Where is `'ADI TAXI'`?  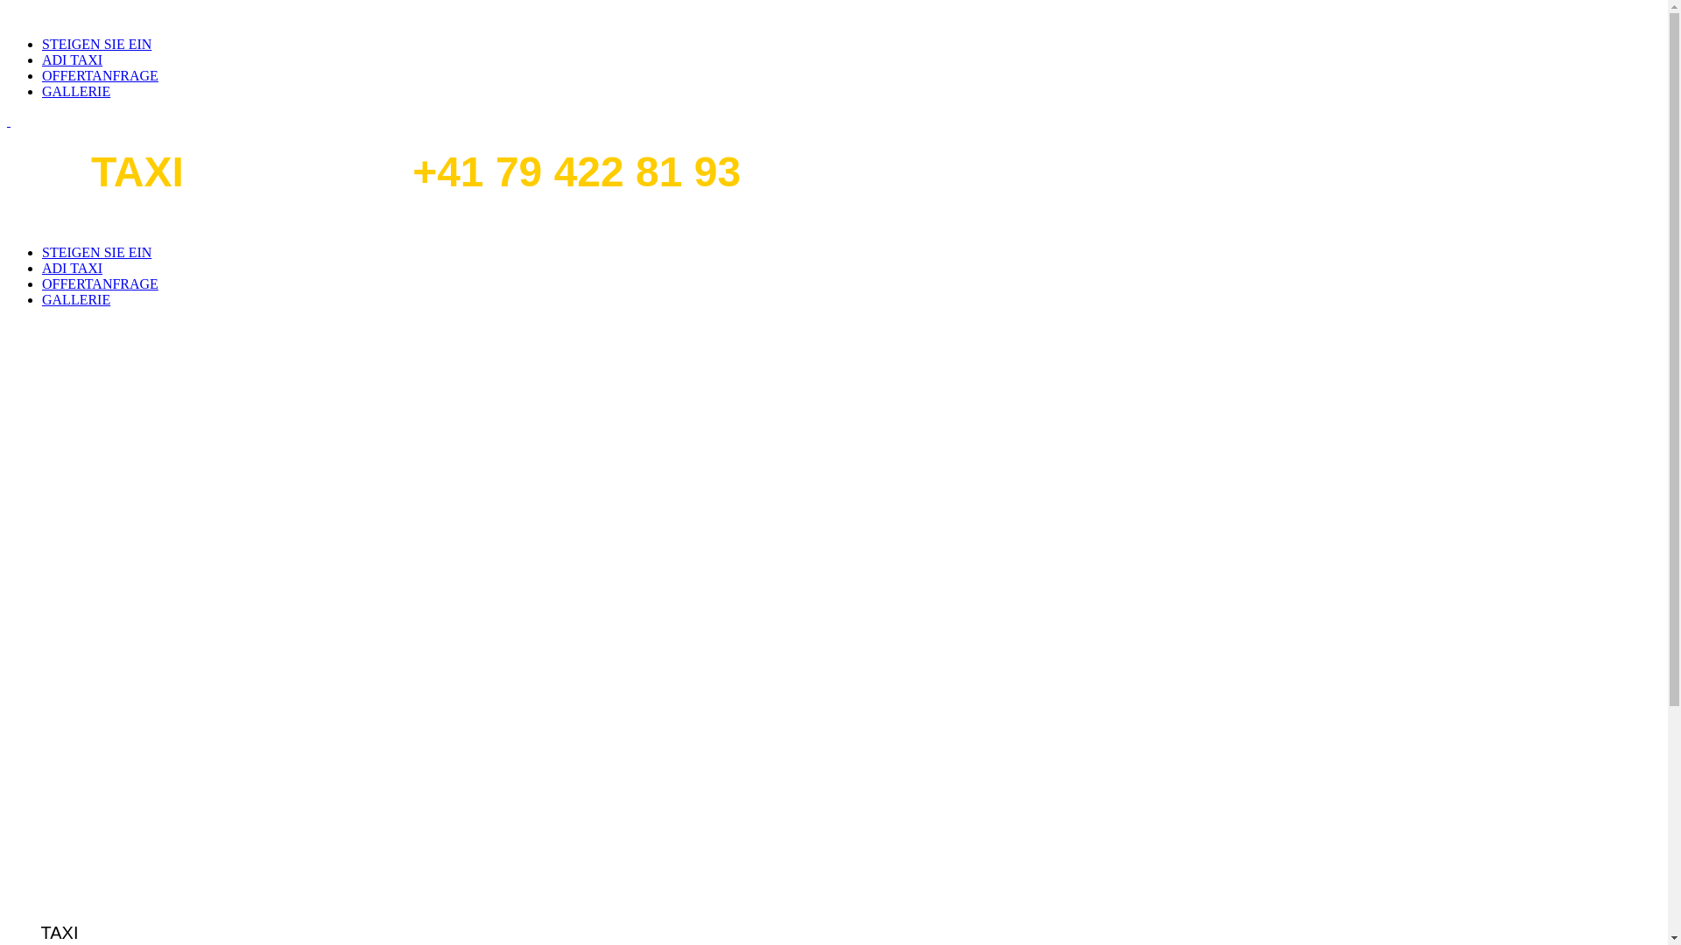 'ADI TAXI' is located at coordinates (71, 59).